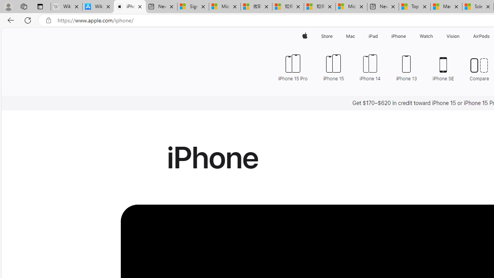 The image size is (494, 278). Describe the element at coordinates (351, 7) in the screenshot. I see `'Microsoft account | Account Checkup'` at that location.